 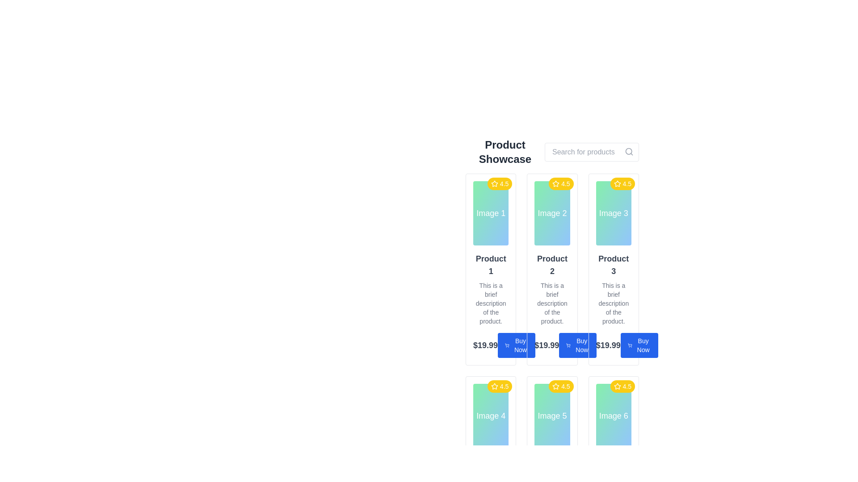 I want to click on the product rating icon located in the top-right corner of the product card, which indicates a rating of '4.5', so click(x=494, y=386).